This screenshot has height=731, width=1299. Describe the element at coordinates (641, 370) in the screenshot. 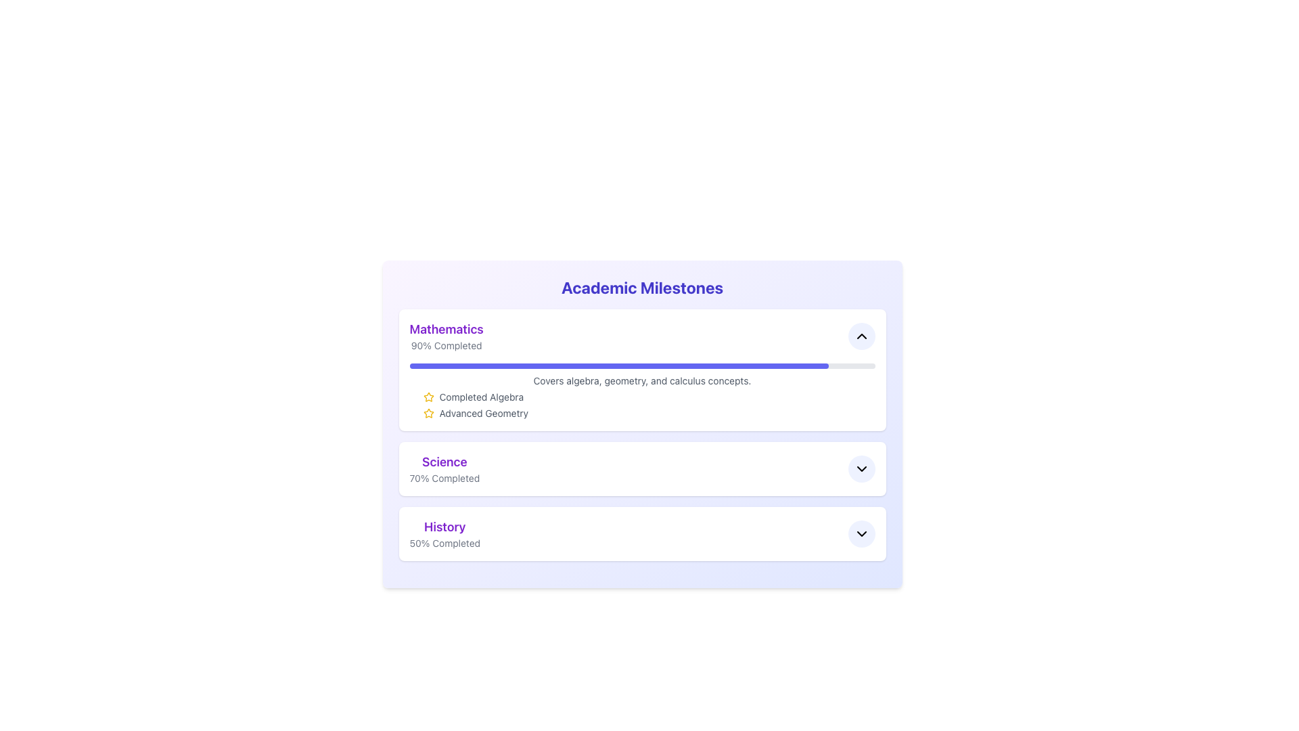

I see `the topmost Information Card under the title 'Academic Milestones'` at that location.